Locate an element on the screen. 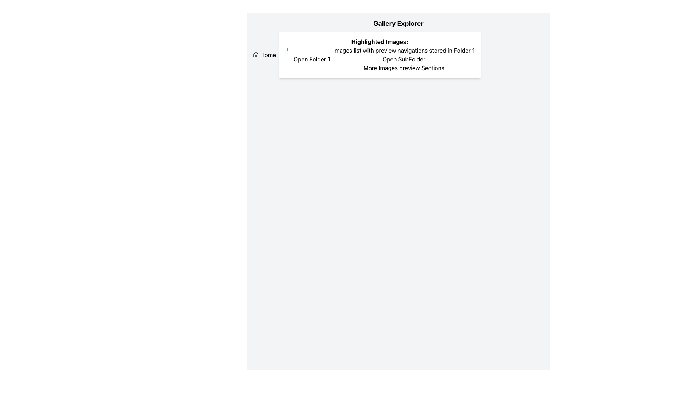 Image resolution: width=700 pixels, height=393 pixels. the navigation button that expands is located at coordinates (403, 59).